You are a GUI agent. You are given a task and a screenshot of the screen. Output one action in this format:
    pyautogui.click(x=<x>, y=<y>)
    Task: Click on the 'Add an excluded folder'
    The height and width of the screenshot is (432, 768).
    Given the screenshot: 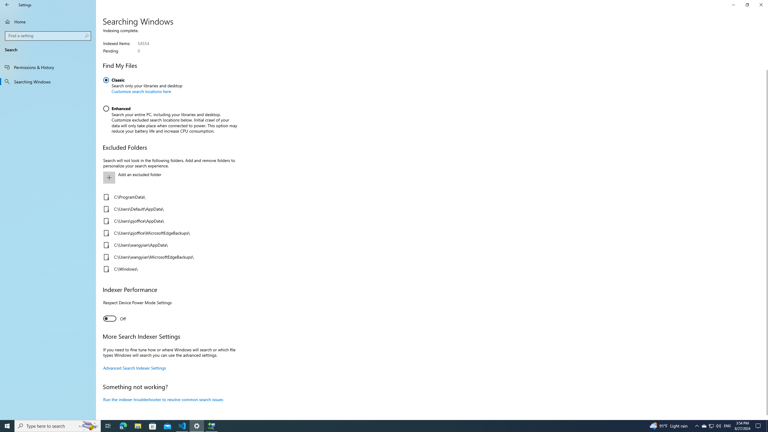 What is the action you would take?
    pyautogui.click(x=168, y=177)
    